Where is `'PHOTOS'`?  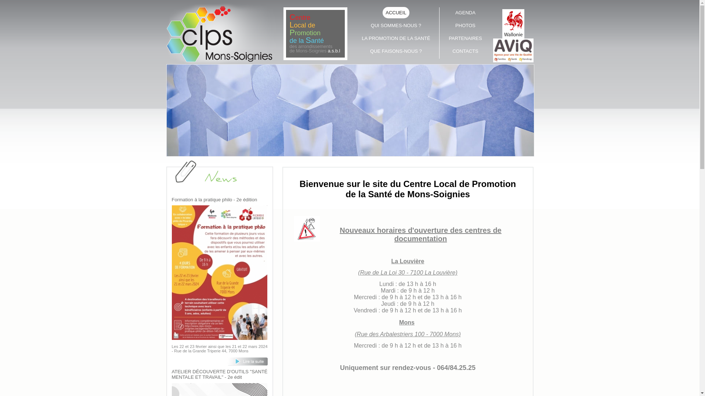 'PHOTOS' is located at coordinates (444, 25).